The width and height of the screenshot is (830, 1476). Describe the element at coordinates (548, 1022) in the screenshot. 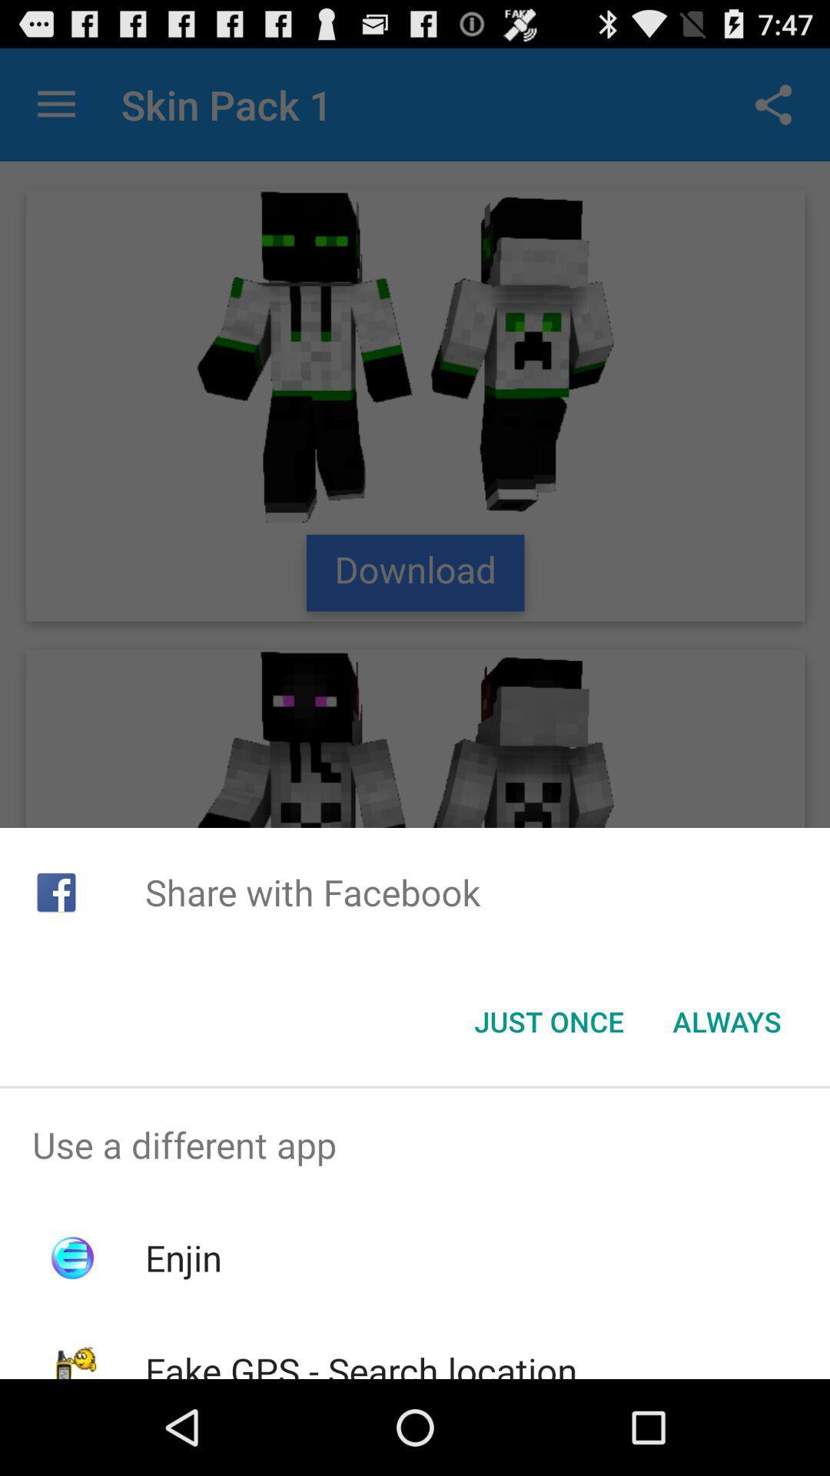

I see `the icon below share with facebook icon` at that location.